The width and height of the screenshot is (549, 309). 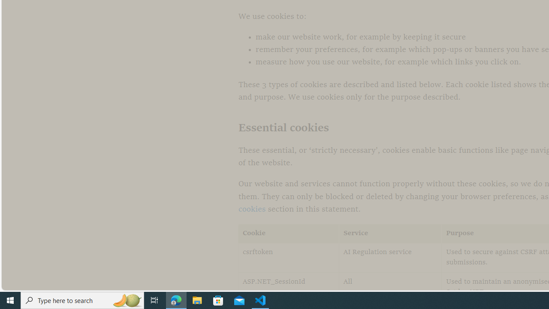 What do you see at coordinates (289, 257) in the screenshot?
I see `'csrftoken'` at bounding box center [289, 257].